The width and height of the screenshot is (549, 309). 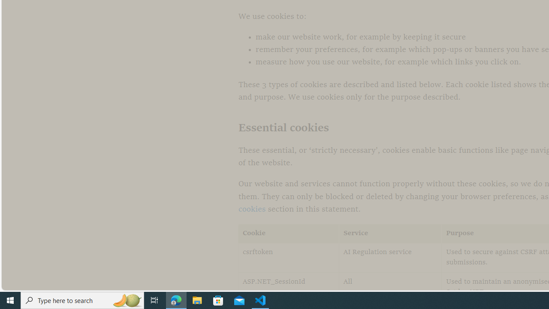 What do you see at coordinates (289, 257) in the screenshot?
I see `'csrftoken'` at bounding box center [289, 257].